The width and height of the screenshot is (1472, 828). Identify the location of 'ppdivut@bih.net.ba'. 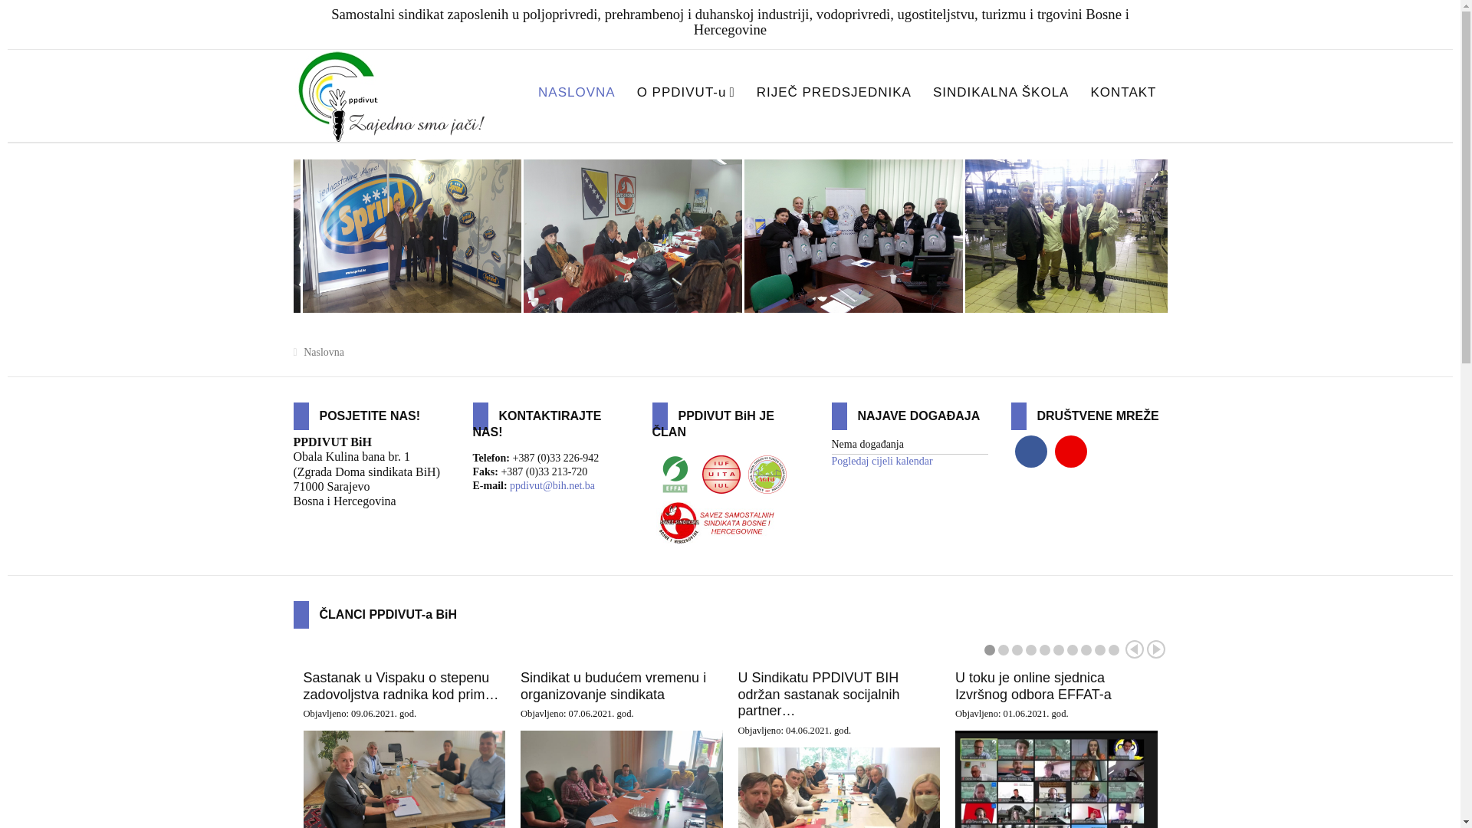
(552, 485).